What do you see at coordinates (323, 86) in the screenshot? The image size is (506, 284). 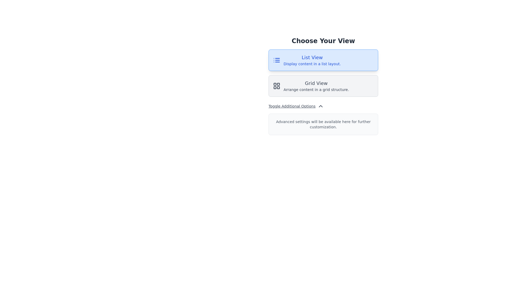 I see `the 'Grid View' button, which features a light gray background, gray text, and an icon of a small grid to the left of the text for focus indication` at bounding box center [323, 86].